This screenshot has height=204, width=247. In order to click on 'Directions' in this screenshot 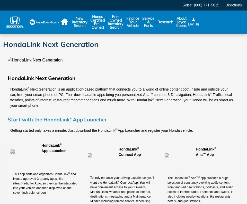, I will do `click(225, 5)`.